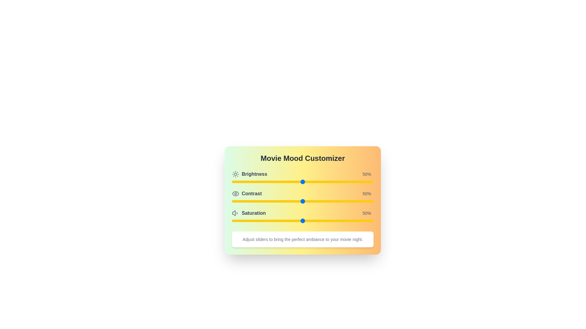 This screenshot has width=586, height=329. What do you see at coordinates (249, 213) in the screenshot?
I see `the 'Saturation' label, which is the third item in a vertically stacked list of settings. It features bold dark gray text and a speaker icon to its left` at bounding box center [249, 213].